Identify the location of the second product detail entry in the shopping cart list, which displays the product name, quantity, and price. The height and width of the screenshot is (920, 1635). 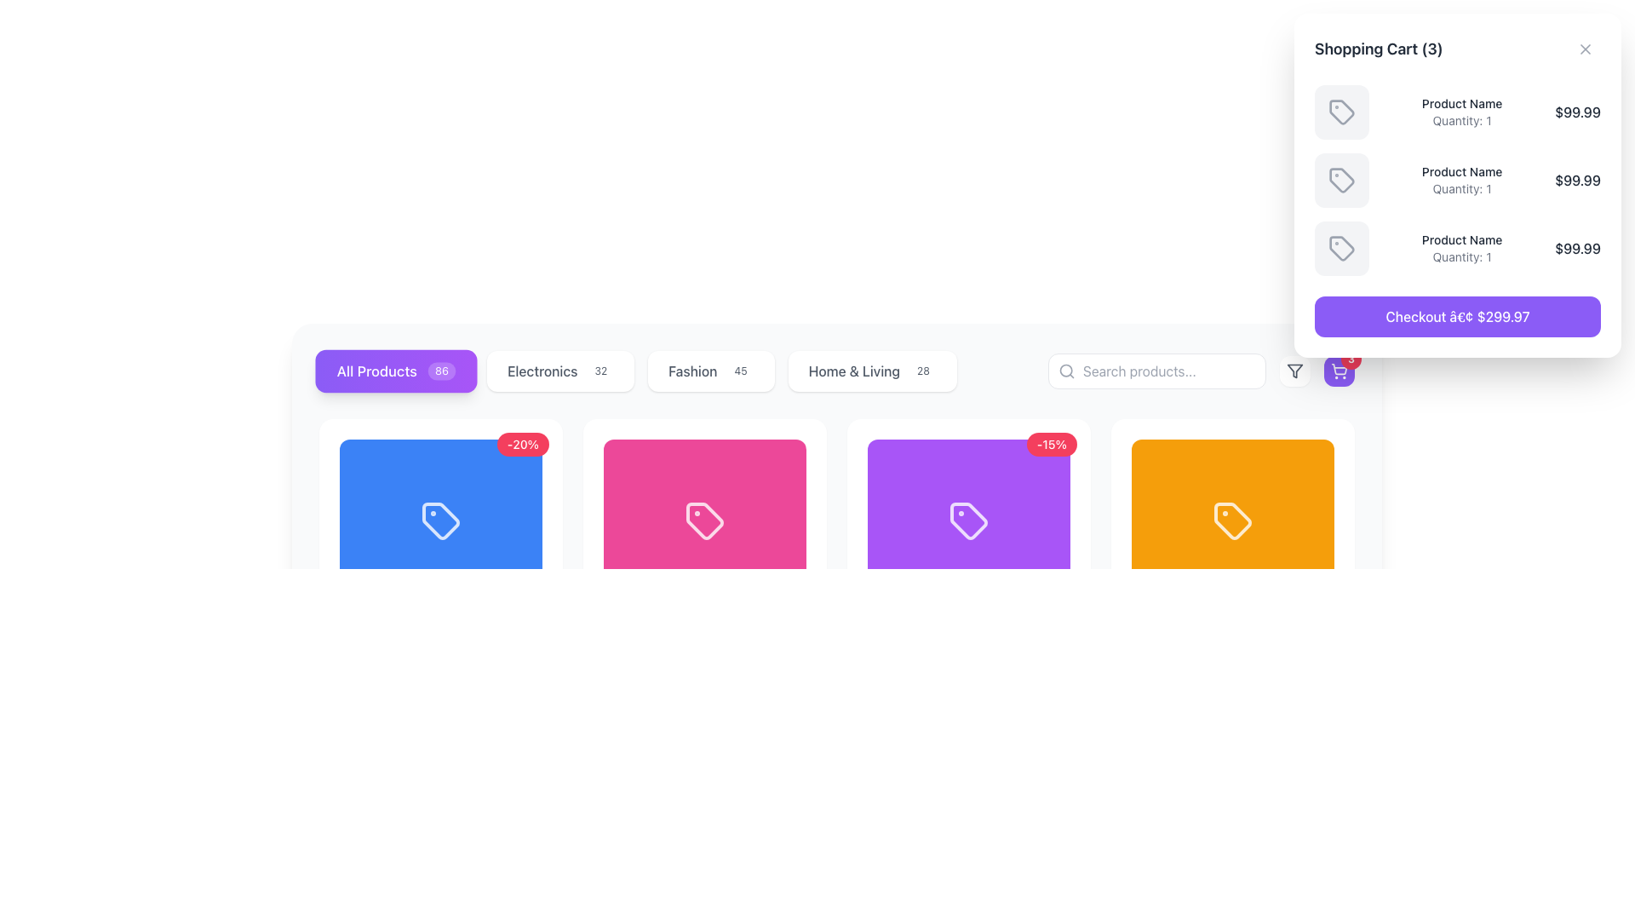
(1457, 181).